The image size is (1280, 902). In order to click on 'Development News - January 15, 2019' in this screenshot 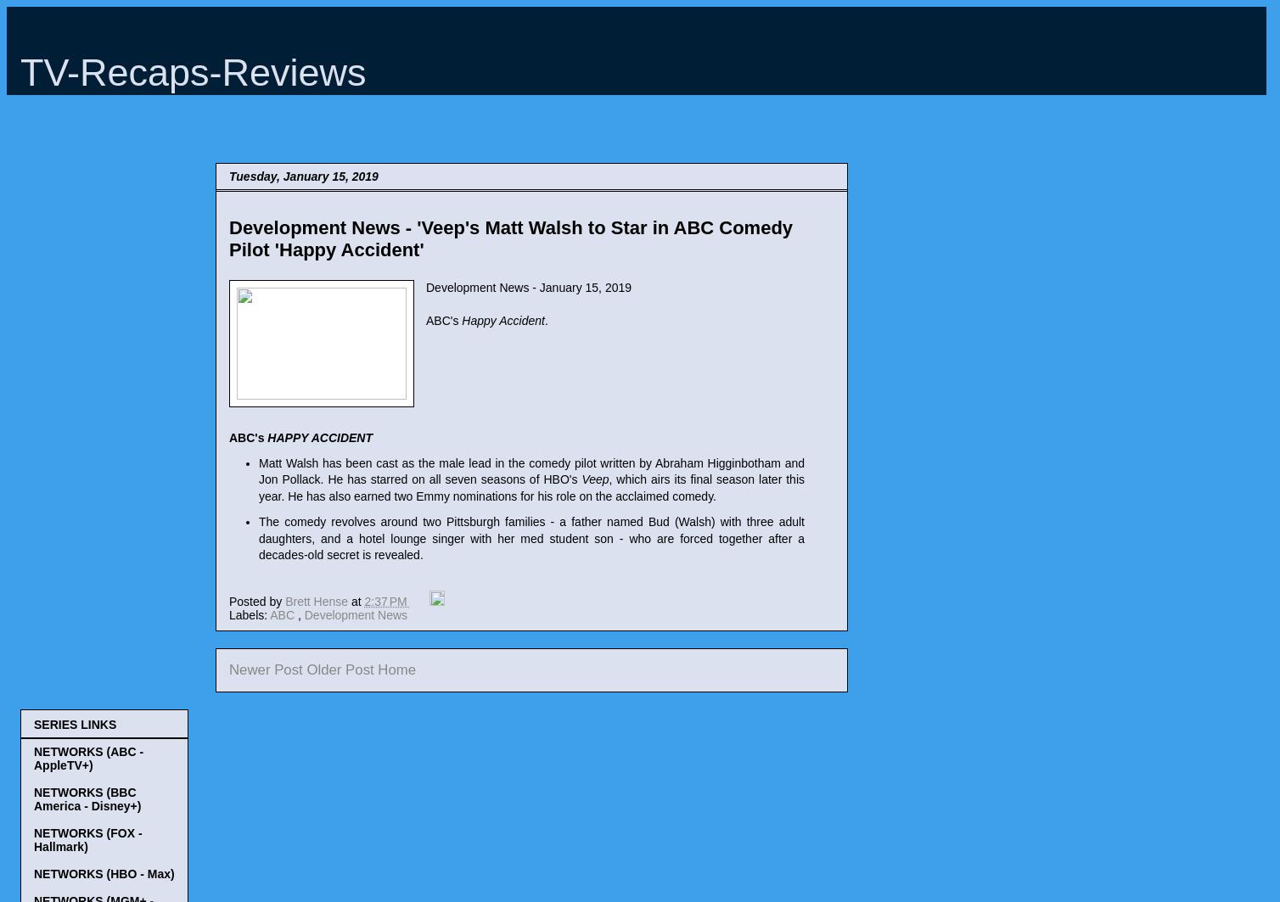, I will do `click(527, 287)`.